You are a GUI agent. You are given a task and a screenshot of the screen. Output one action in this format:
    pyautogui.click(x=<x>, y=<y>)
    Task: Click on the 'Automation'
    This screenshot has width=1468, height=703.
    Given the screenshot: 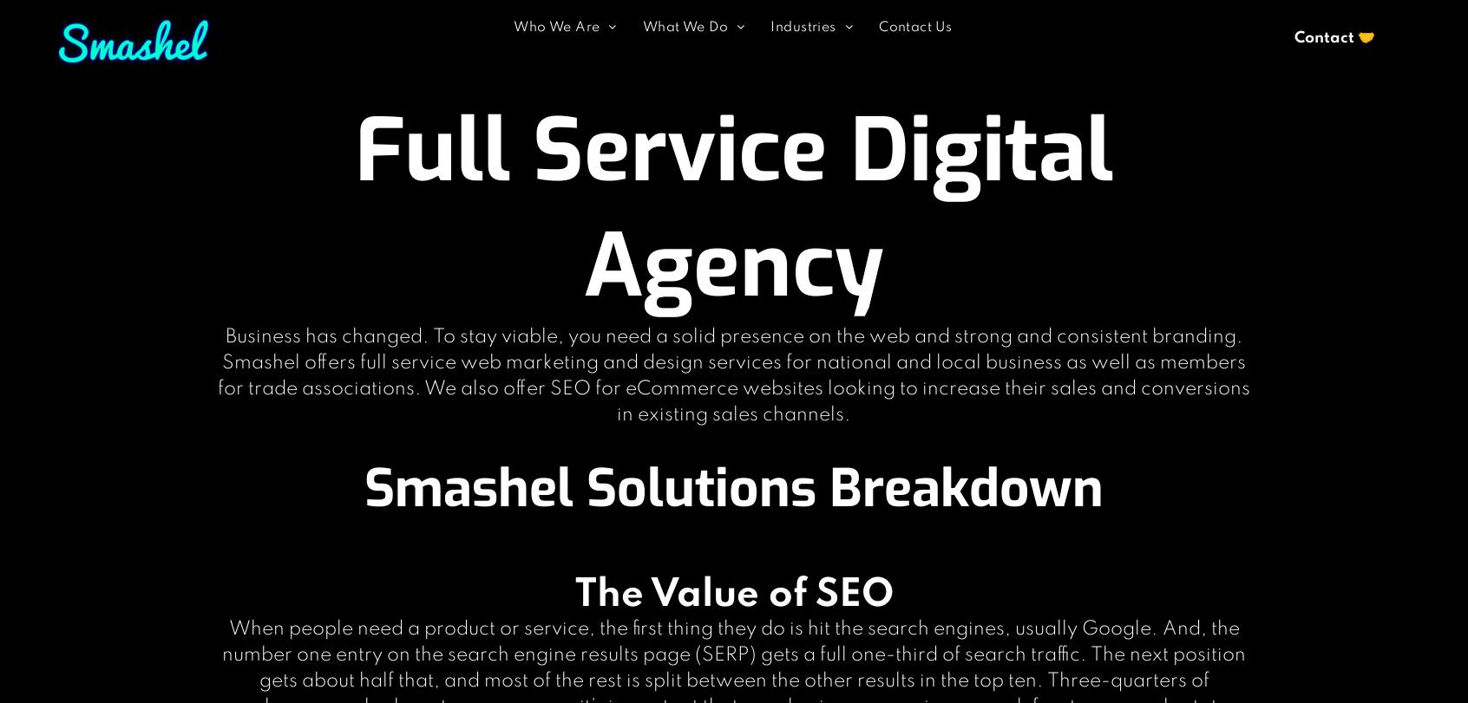 What is the action you would take?
    pyautogui.click(x=695, y=131)
    